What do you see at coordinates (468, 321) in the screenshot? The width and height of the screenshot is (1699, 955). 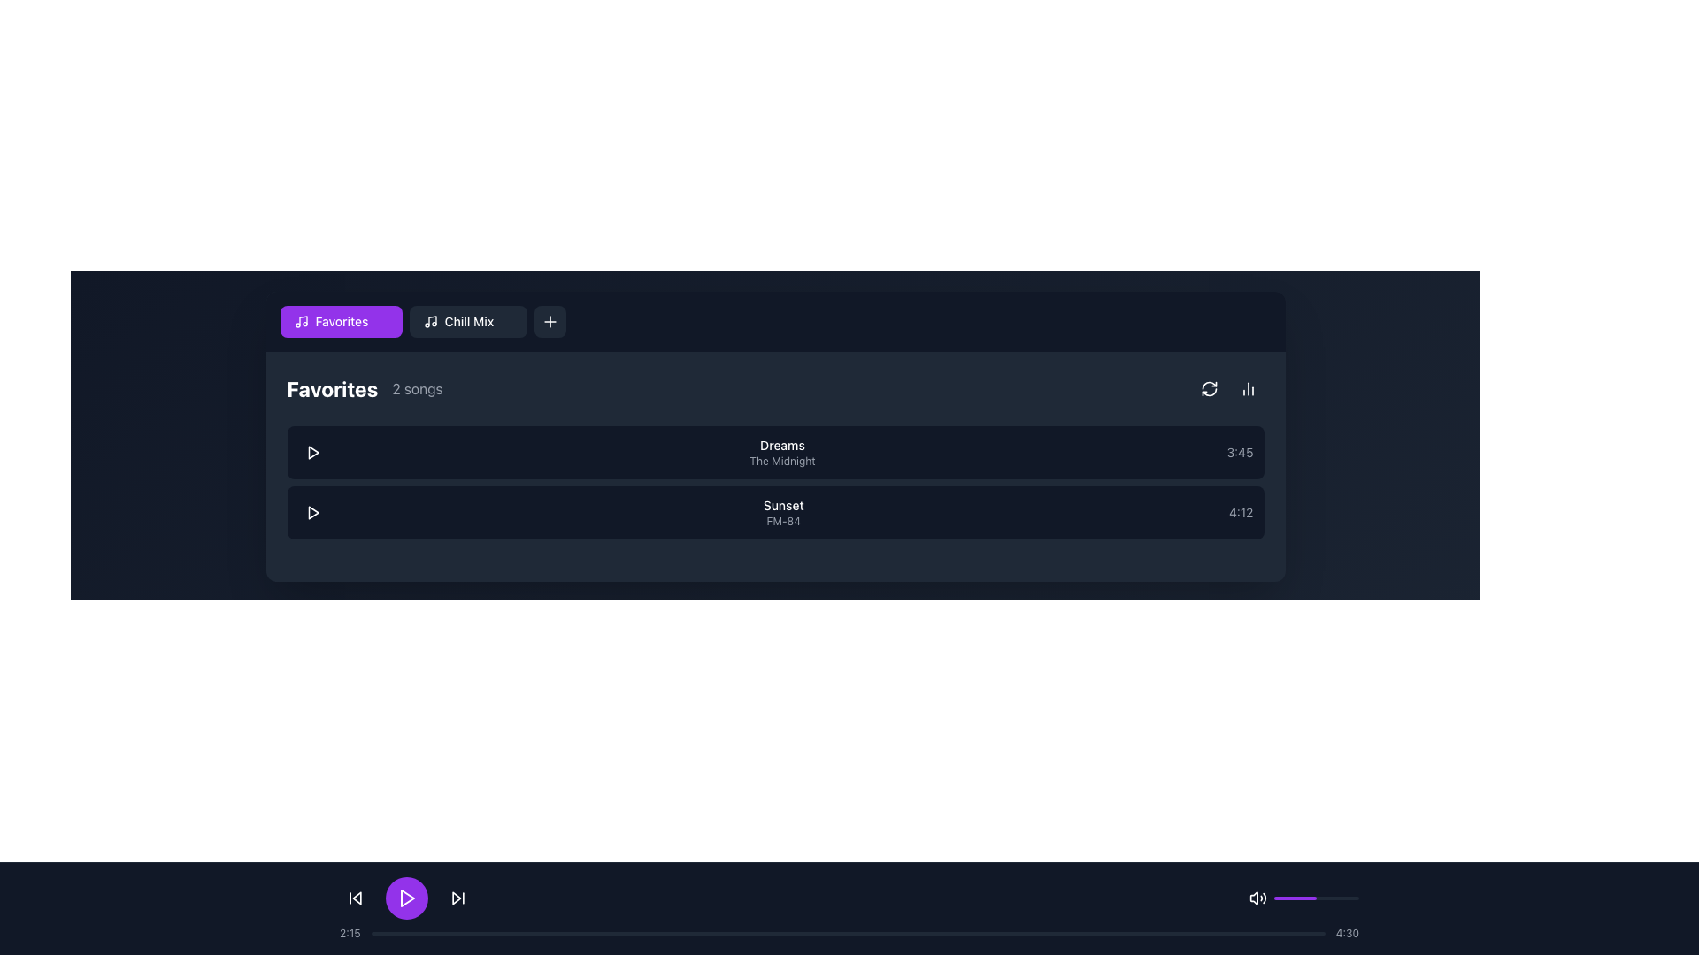 I see `the 'Chill Mix' button, which is a rectangular button with a dark background, rounded corners, and a musical note icon next to the text` at bounding box center [468, 321].